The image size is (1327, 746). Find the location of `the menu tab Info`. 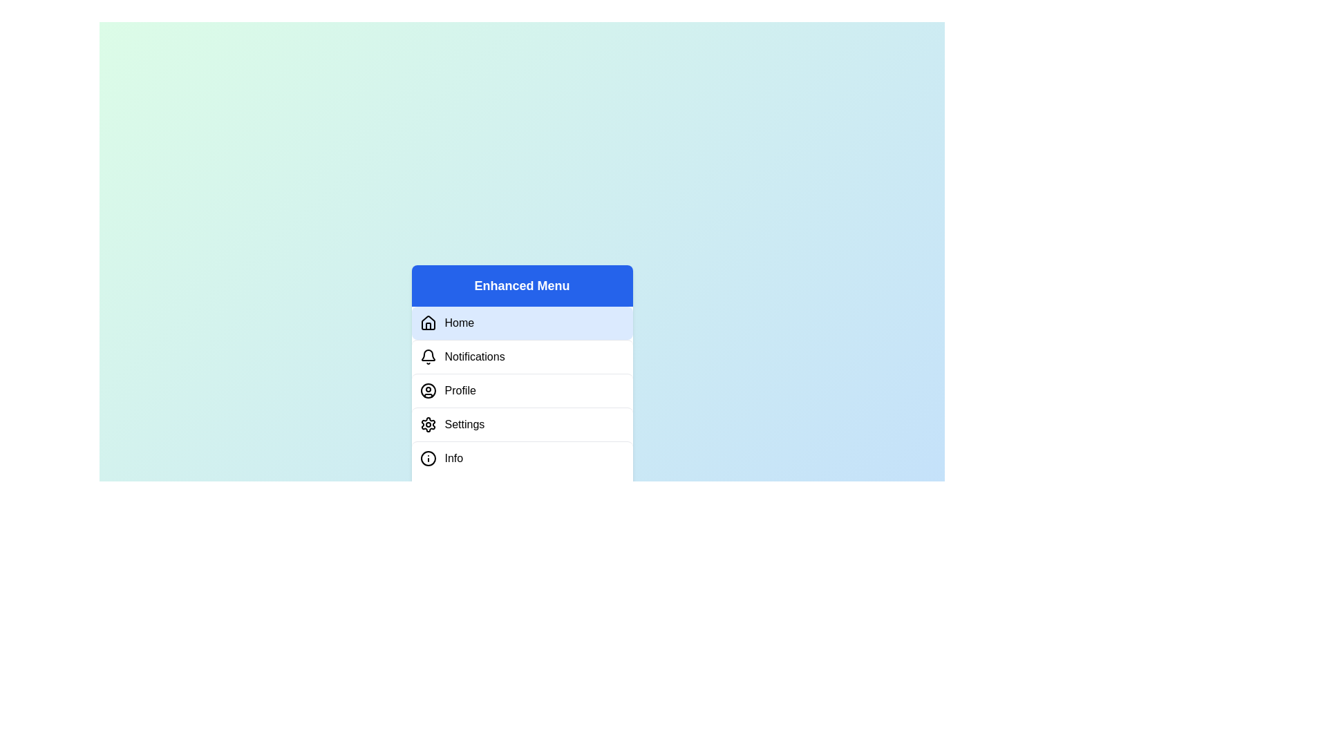

the menu tab Info is located at coordinates (521, 458).